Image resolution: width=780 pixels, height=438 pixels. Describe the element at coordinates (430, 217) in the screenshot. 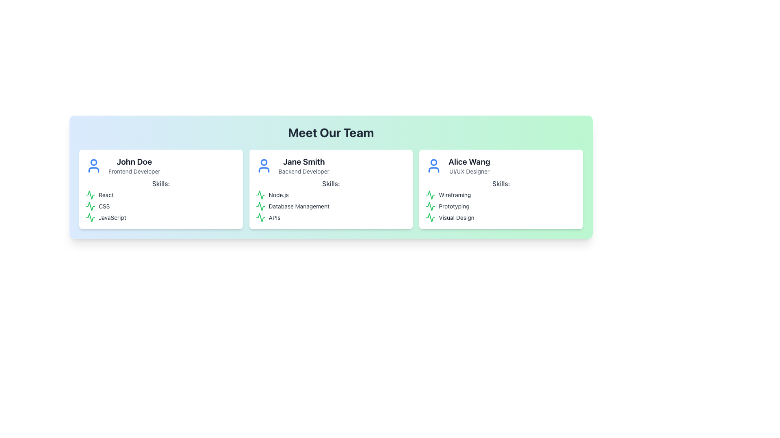

I see `the skill icon representing 'Visual Design' for Alice Wang in the 'Meet Our Team' section, located to the left of the text under the header 'Skills:'` at that location.